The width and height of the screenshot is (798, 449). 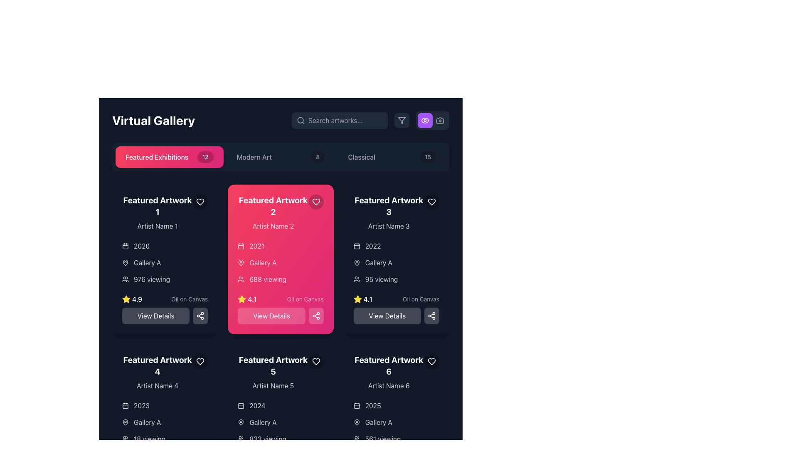 I want to click on the decorative and informative icon representing the 'viewing' count, which is located to the left of the text '833 viewing', so click(x=241, y=439).